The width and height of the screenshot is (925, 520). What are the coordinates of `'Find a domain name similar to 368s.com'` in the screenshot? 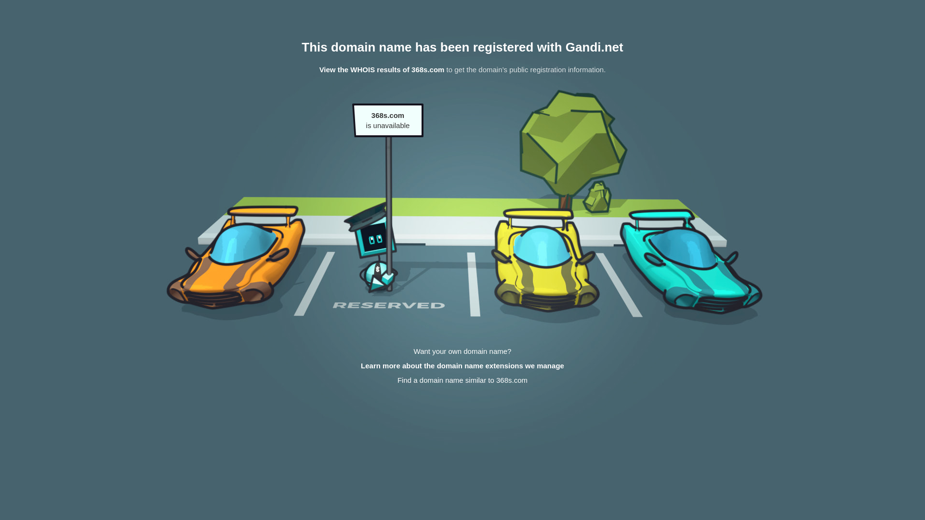 It's located at (462, 379).